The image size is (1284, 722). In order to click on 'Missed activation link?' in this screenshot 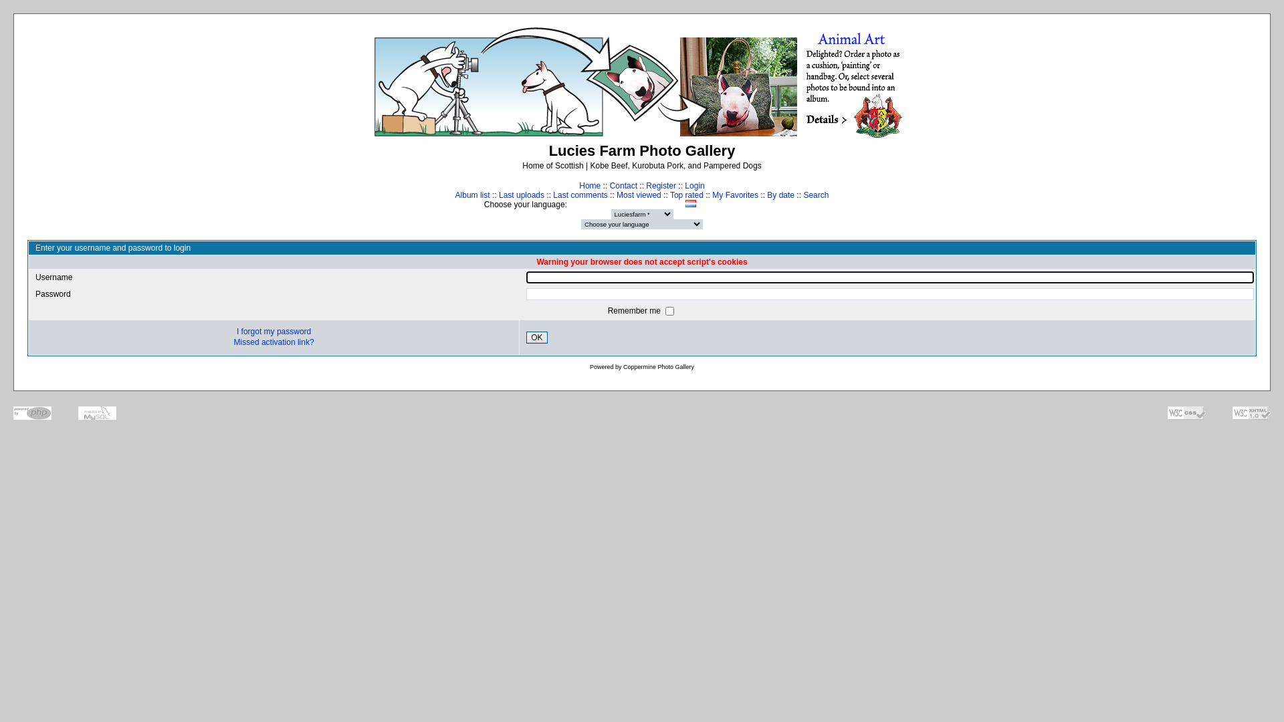, I will do `click(273, 342)`.